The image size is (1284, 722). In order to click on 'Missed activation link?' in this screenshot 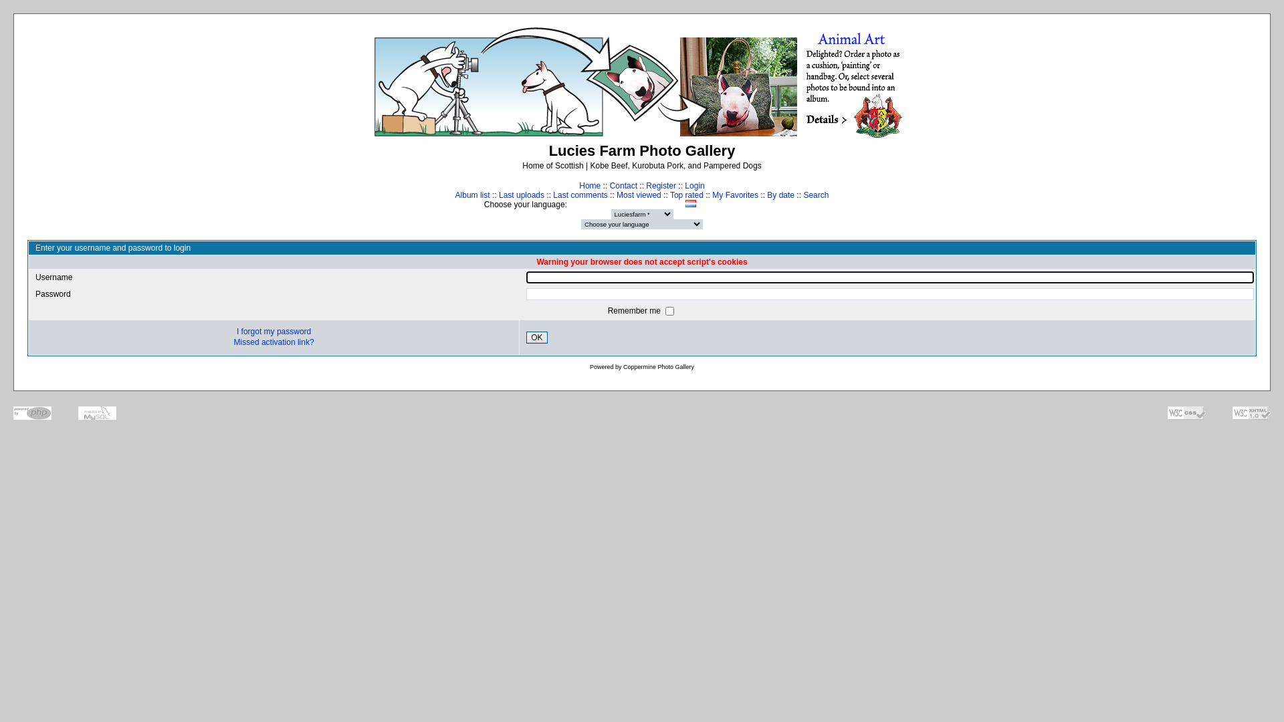, I will do `click(273, 342)`.